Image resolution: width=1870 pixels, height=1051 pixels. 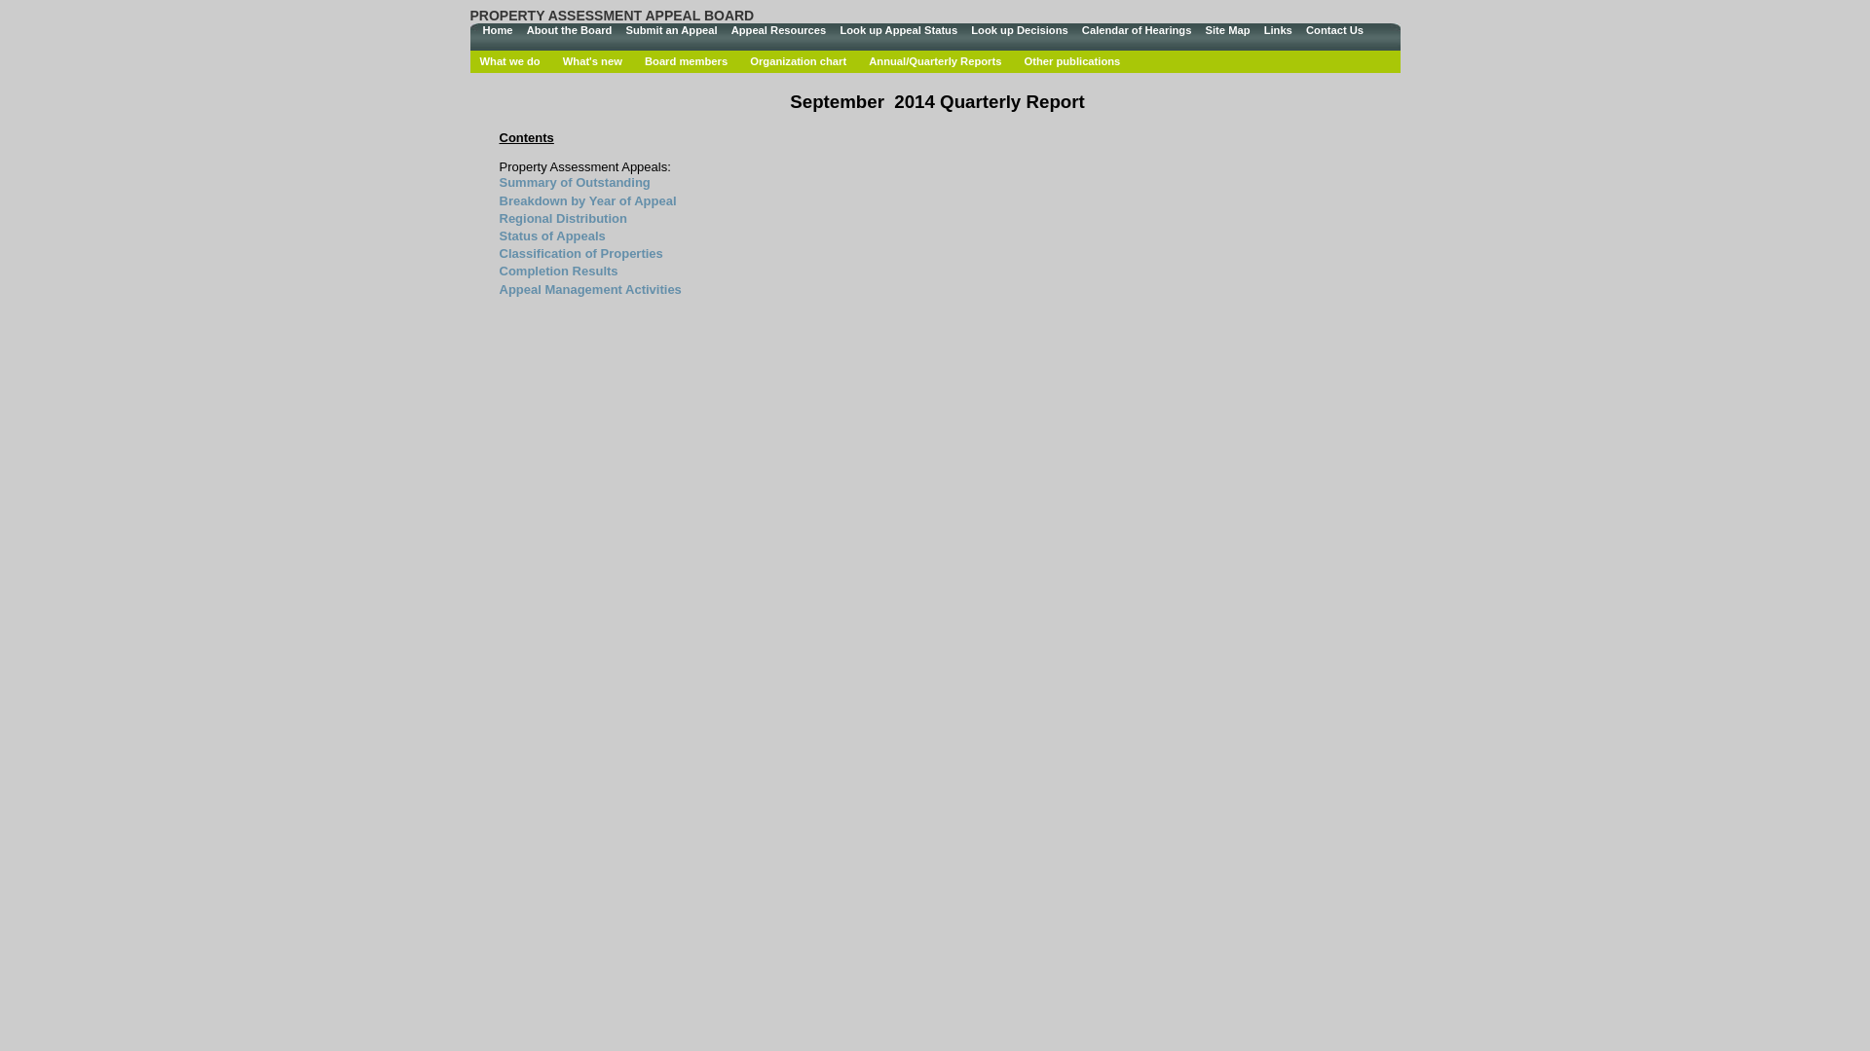 What do you see at coordinates (1278, 30) in the screenshot?
I see `'Links'` at bounding box center [1278, 30].